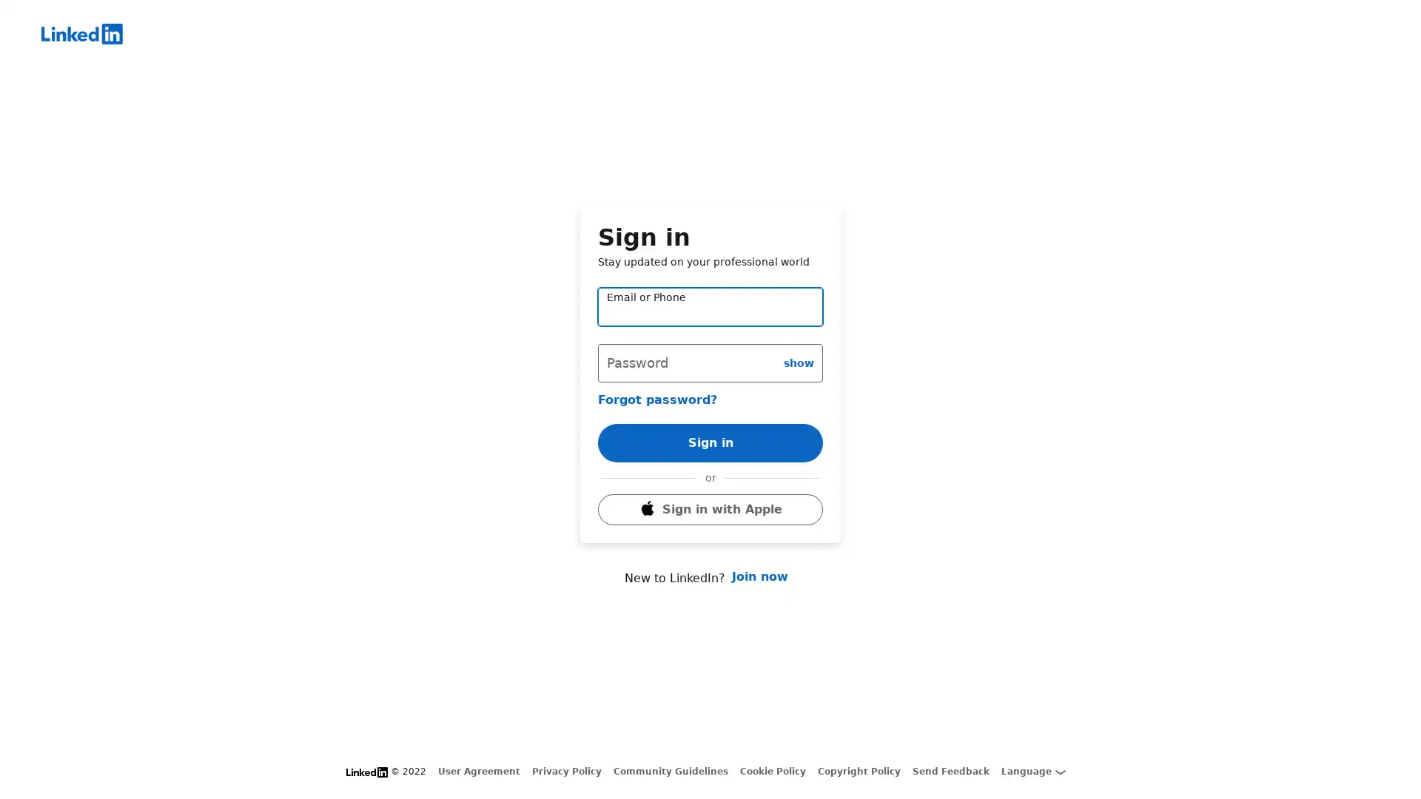 The width and height of the screenshot is (1421, 799). Describe the element at coordinates (710, 490) in the screenshot. I see `Sign in with Google` at that location.